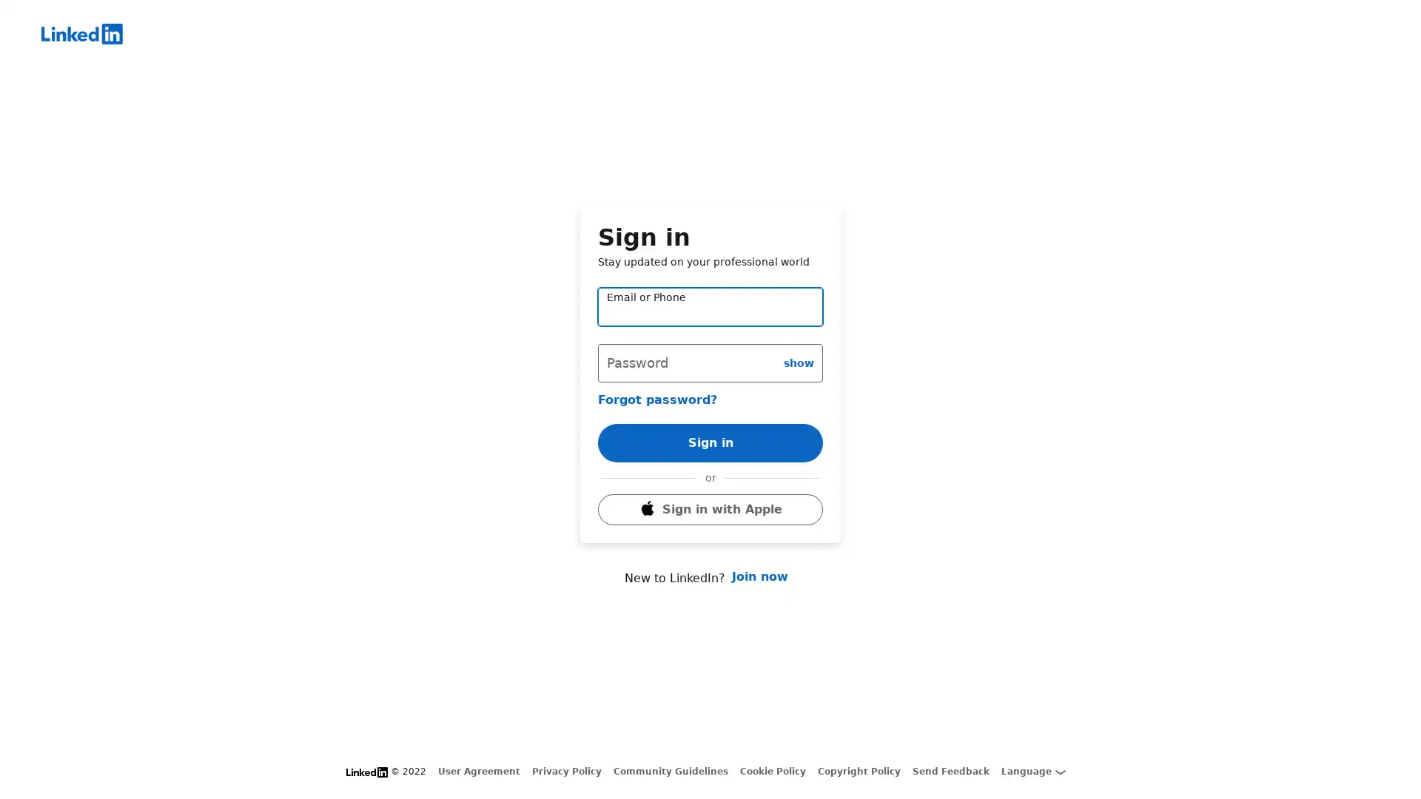 The width and height of the screenshot is (1421, 799). Describe the element at coordinates (710, 490) in the screenshot. I see `Sign in with Google` at that location.